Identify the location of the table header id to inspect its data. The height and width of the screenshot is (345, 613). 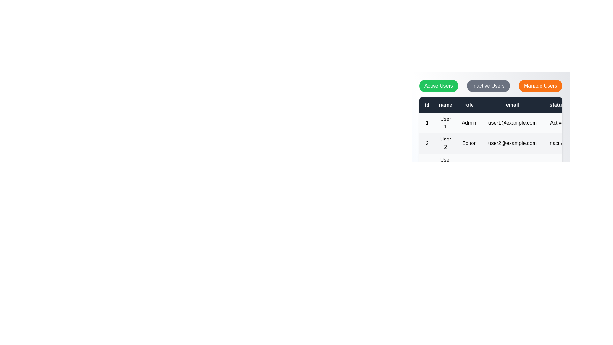
(427, 104).